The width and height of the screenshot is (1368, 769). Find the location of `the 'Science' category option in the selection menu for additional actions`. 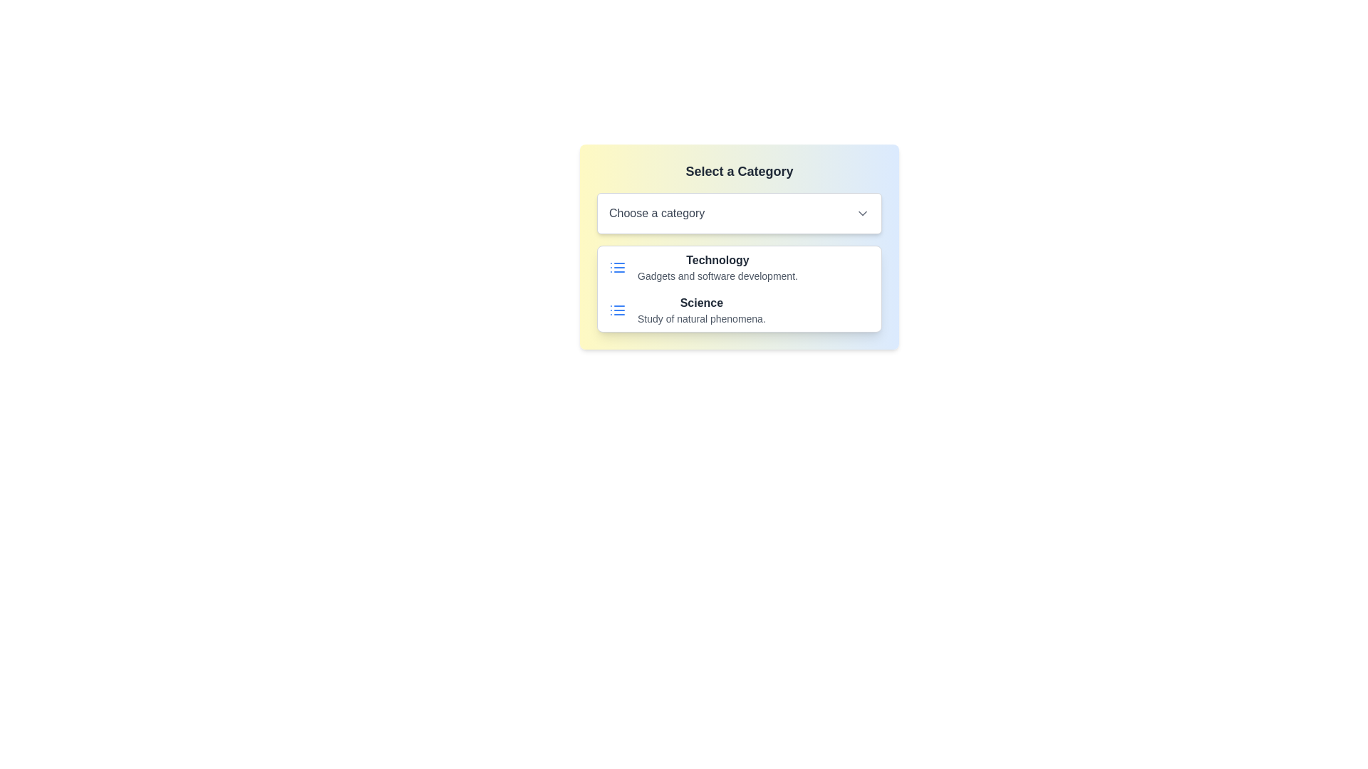

the 'Science' category option in the selection menu for additional actions is located at coordinates (701, 309).